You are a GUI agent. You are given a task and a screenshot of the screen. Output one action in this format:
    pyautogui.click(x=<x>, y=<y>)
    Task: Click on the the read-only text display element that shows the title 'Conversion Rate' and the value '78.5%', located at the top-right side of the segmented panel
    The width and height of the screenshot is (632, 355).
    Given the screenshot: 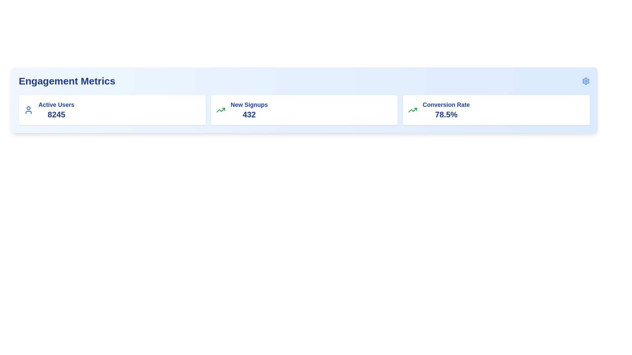 What is the action you would take?
    pyautogui.click(x=446, y=110)
    